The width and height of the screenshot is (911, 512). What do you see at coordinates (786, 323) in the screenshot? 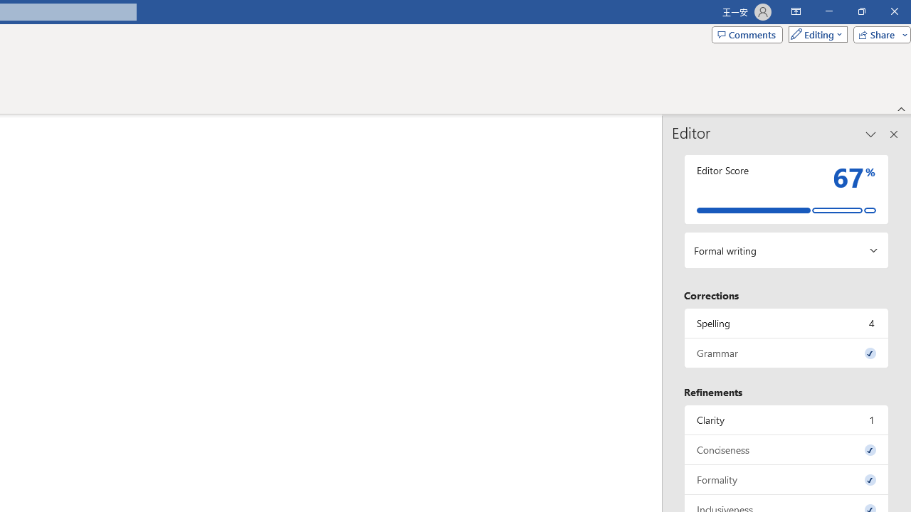
I see `'Spelling, 4 issues. Press space or enter to review items.'` at bounding box center [786, 323].